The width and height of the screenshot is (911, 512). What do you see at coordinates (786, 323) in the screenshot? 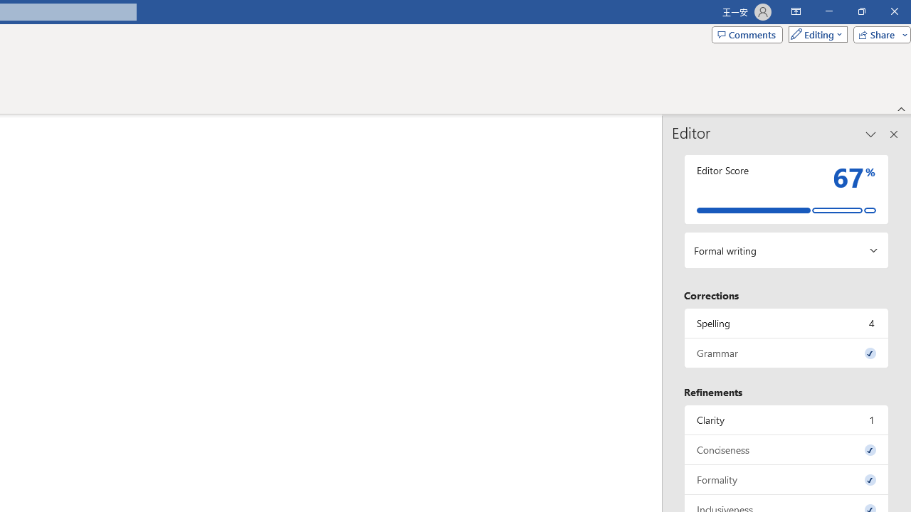
I see `'Spelling, 4 issues. Press space or enter to review items.'` at bounding box center [786, 323].